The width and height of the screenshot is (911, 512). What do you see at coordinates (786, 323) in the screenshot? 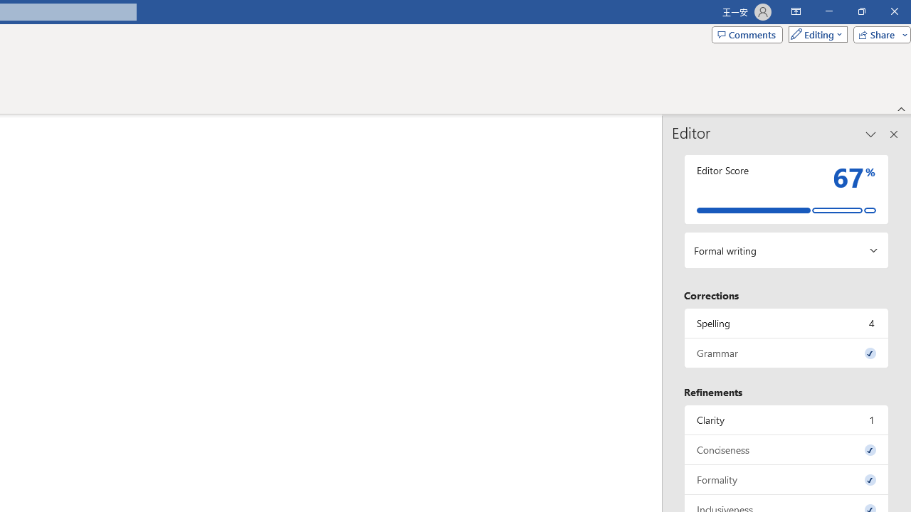
I see `'Spelling, 4 issues. Press space or enter to review items.'` at bounding box center [786, 323].